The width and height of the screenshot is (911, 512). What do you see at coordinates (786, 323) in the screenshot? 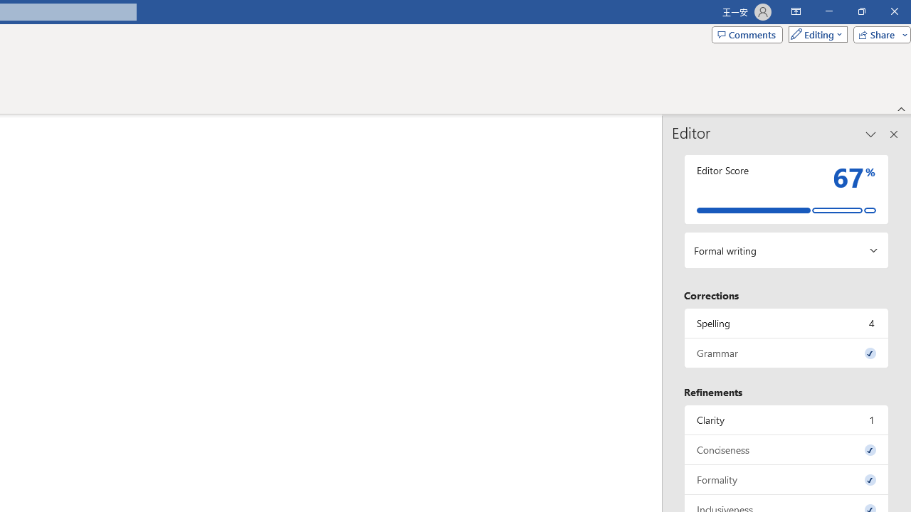
I see `'Spelling, 4 issues. Press space or enter to review items.'` at bounding box center [786, 323].